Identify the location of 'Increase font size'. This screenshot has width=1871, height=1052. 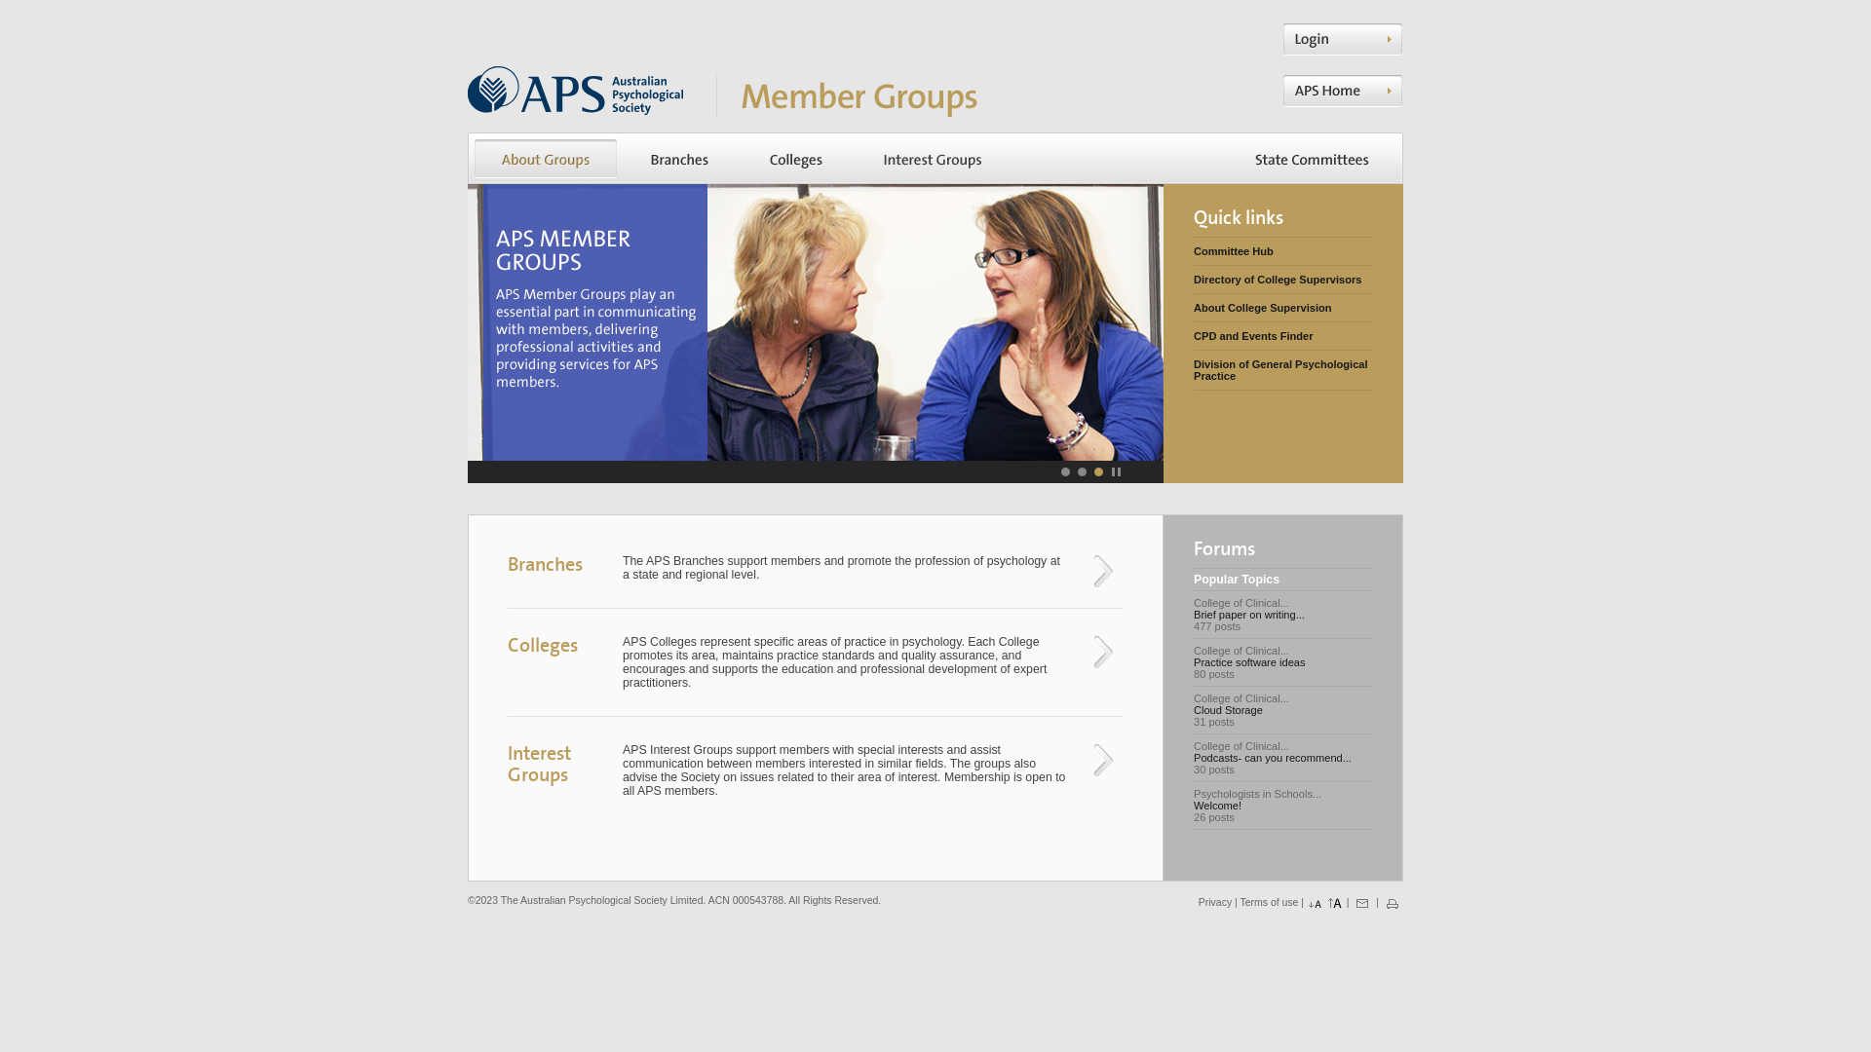
(1333, 903).